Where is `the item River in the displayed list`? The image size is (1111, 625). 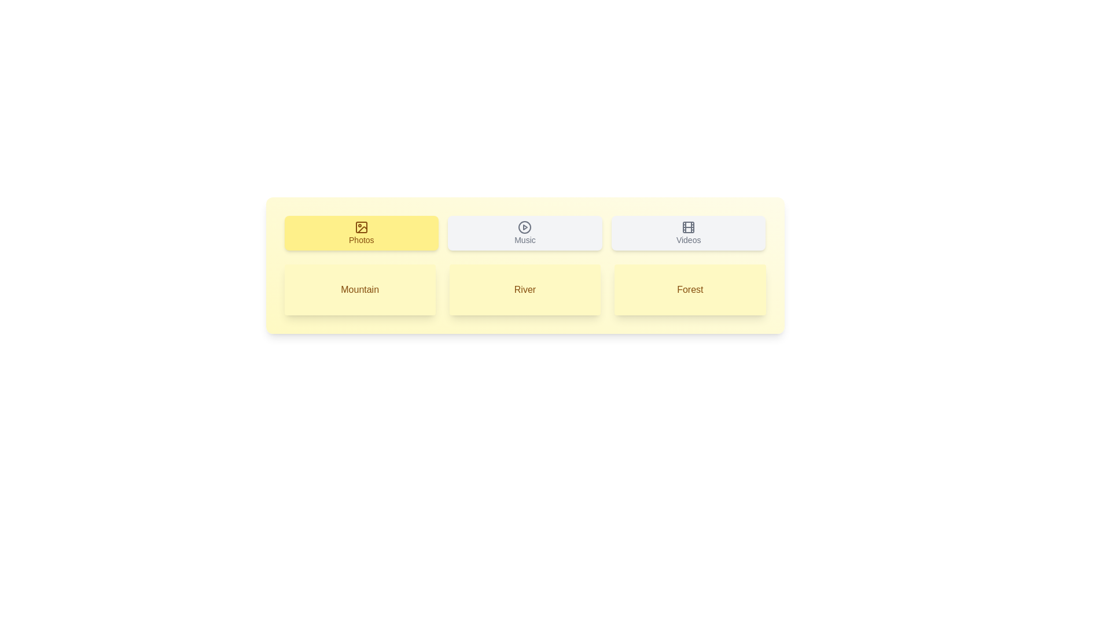
the item River in the displayed list is located at coordinates (524, 289).